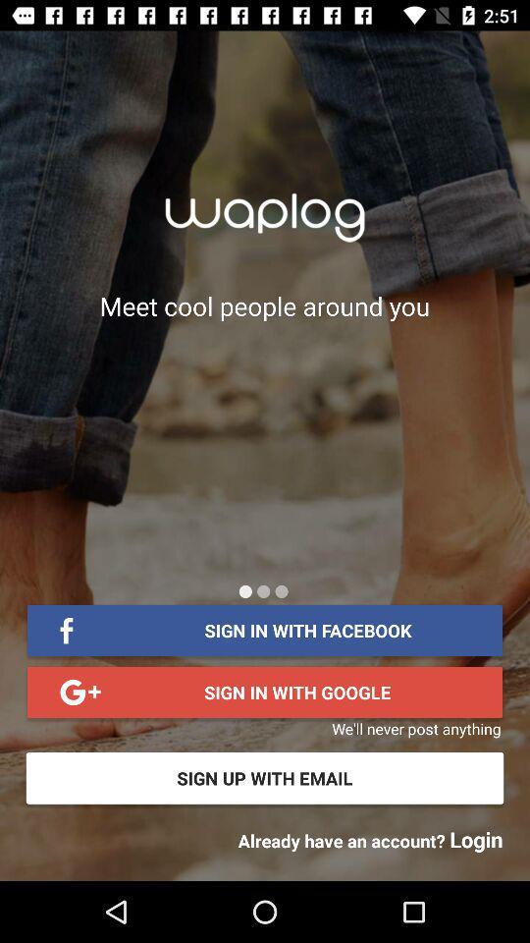  I want to click on item below the sign up with item, so click(370, 838).